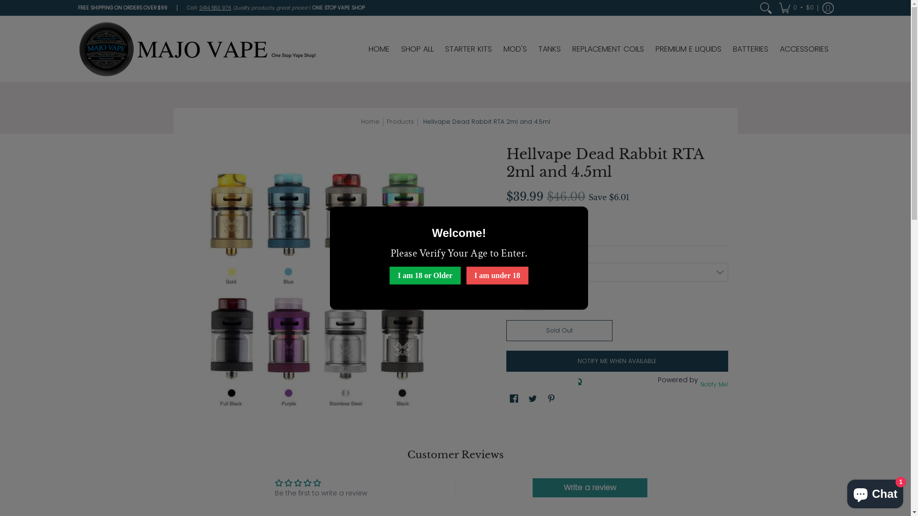 This screenshot has height=516, width=918. I want to click on 'Products', so click(400, 121).